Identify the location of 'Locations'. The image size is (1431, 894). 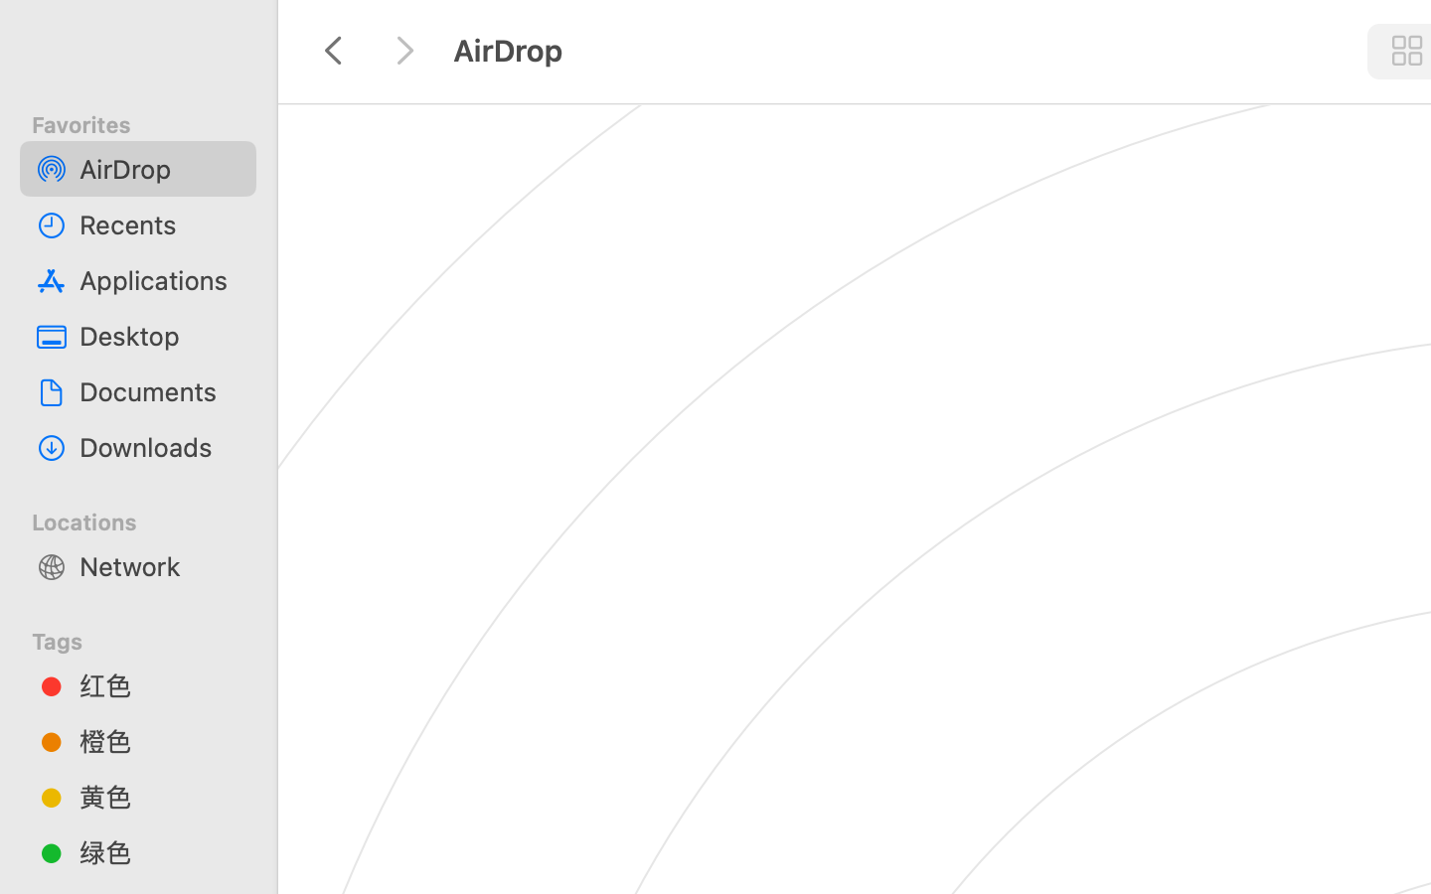
(149, 518).